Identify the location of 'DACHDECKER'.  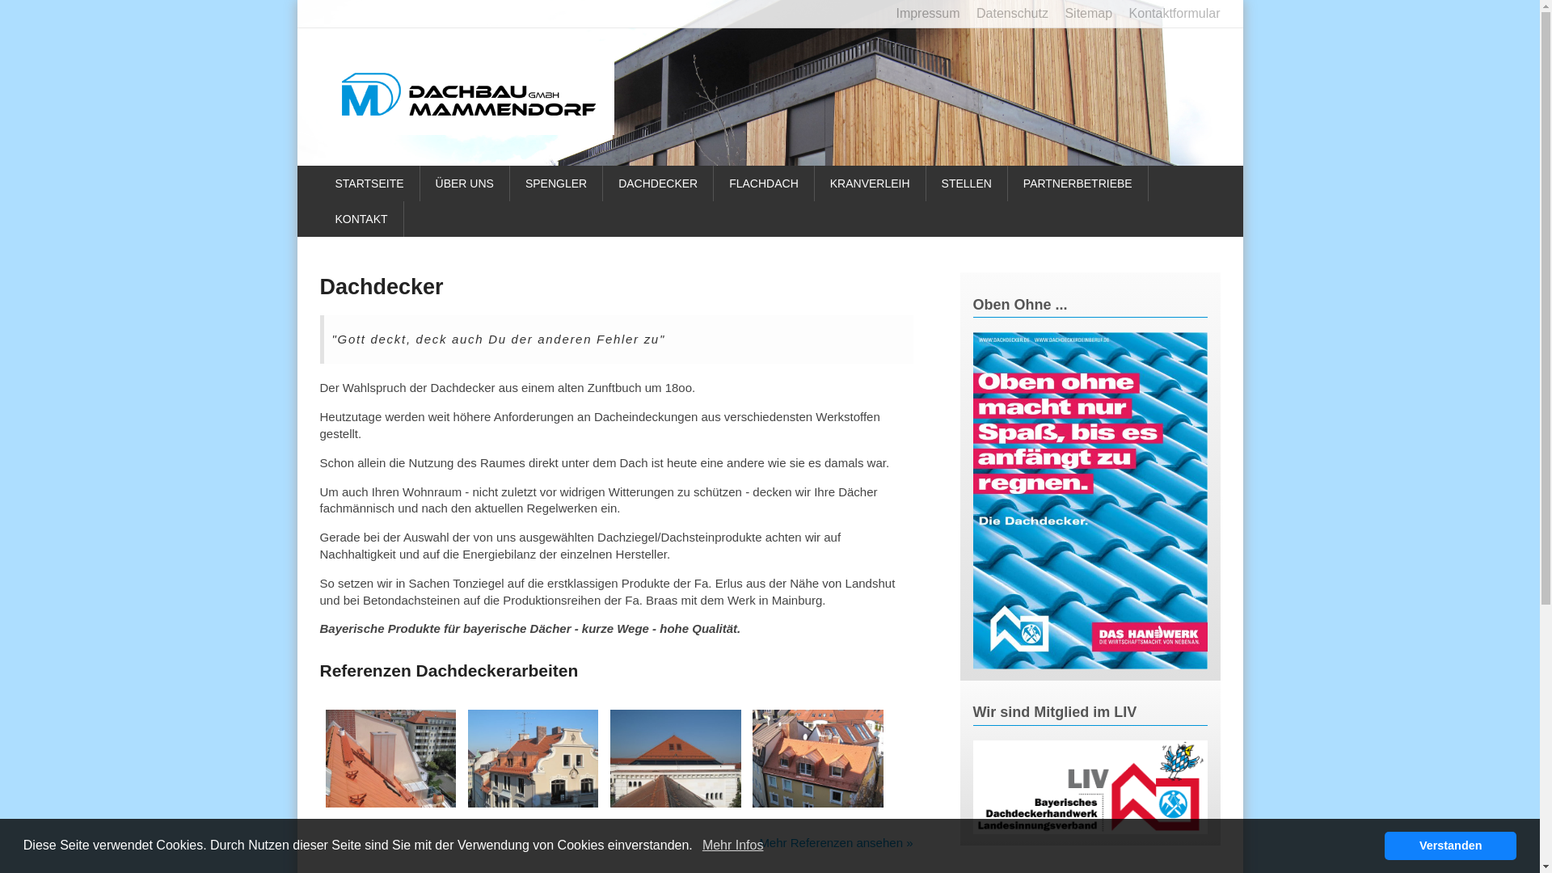
(658, 183).